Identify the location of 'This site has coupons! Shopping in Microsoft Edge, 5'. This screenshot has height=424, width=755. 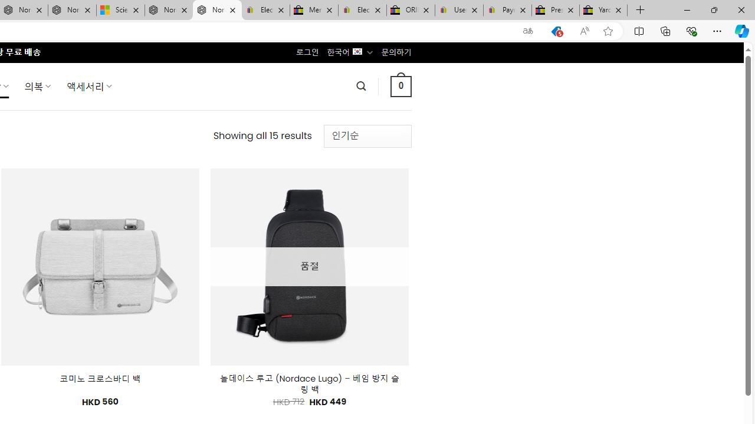
(556, 31).